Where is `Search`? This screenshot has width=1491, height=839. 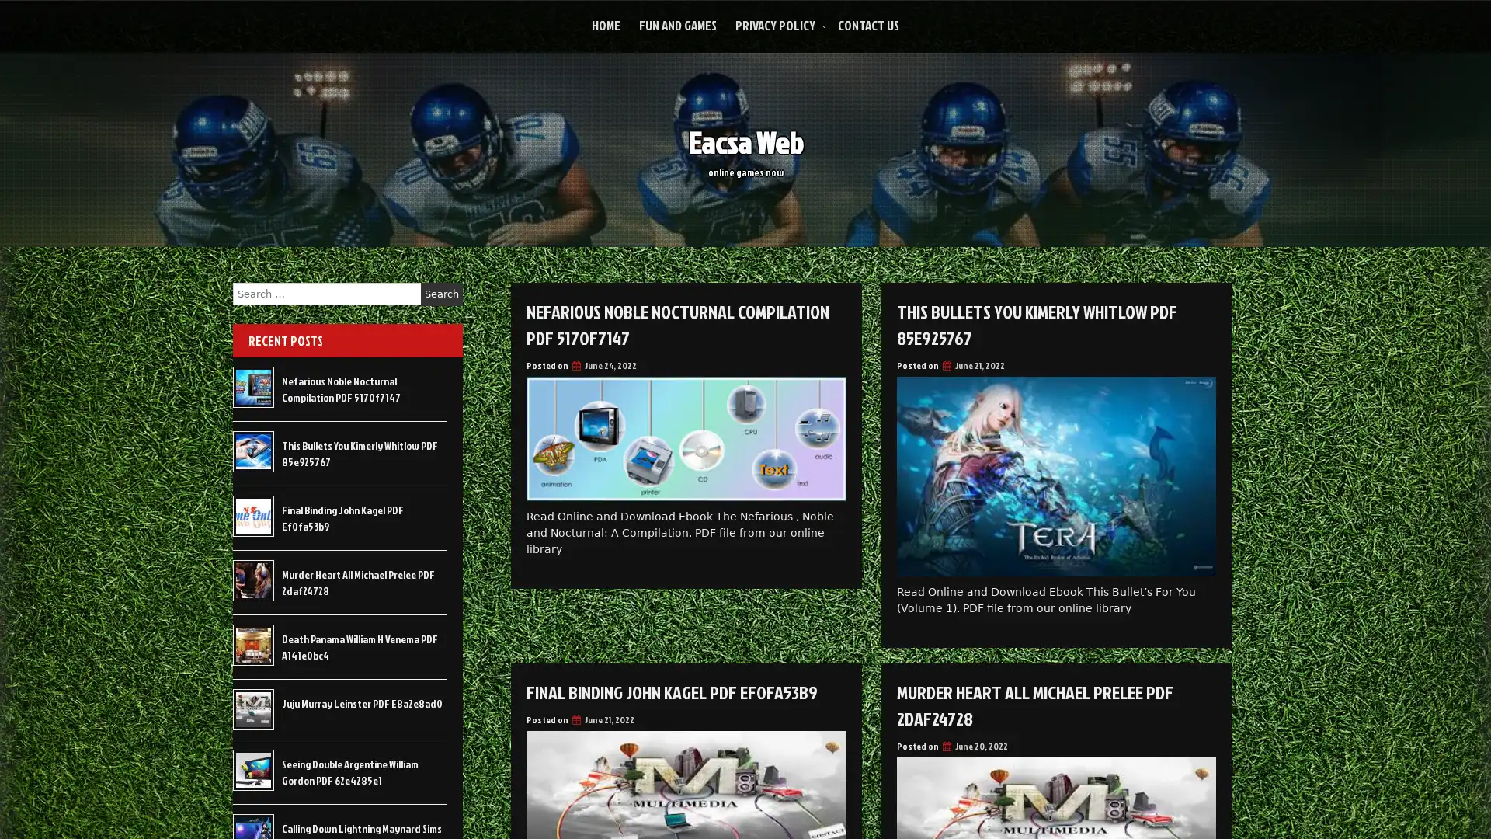
Search is located at coordinates (441, 294).